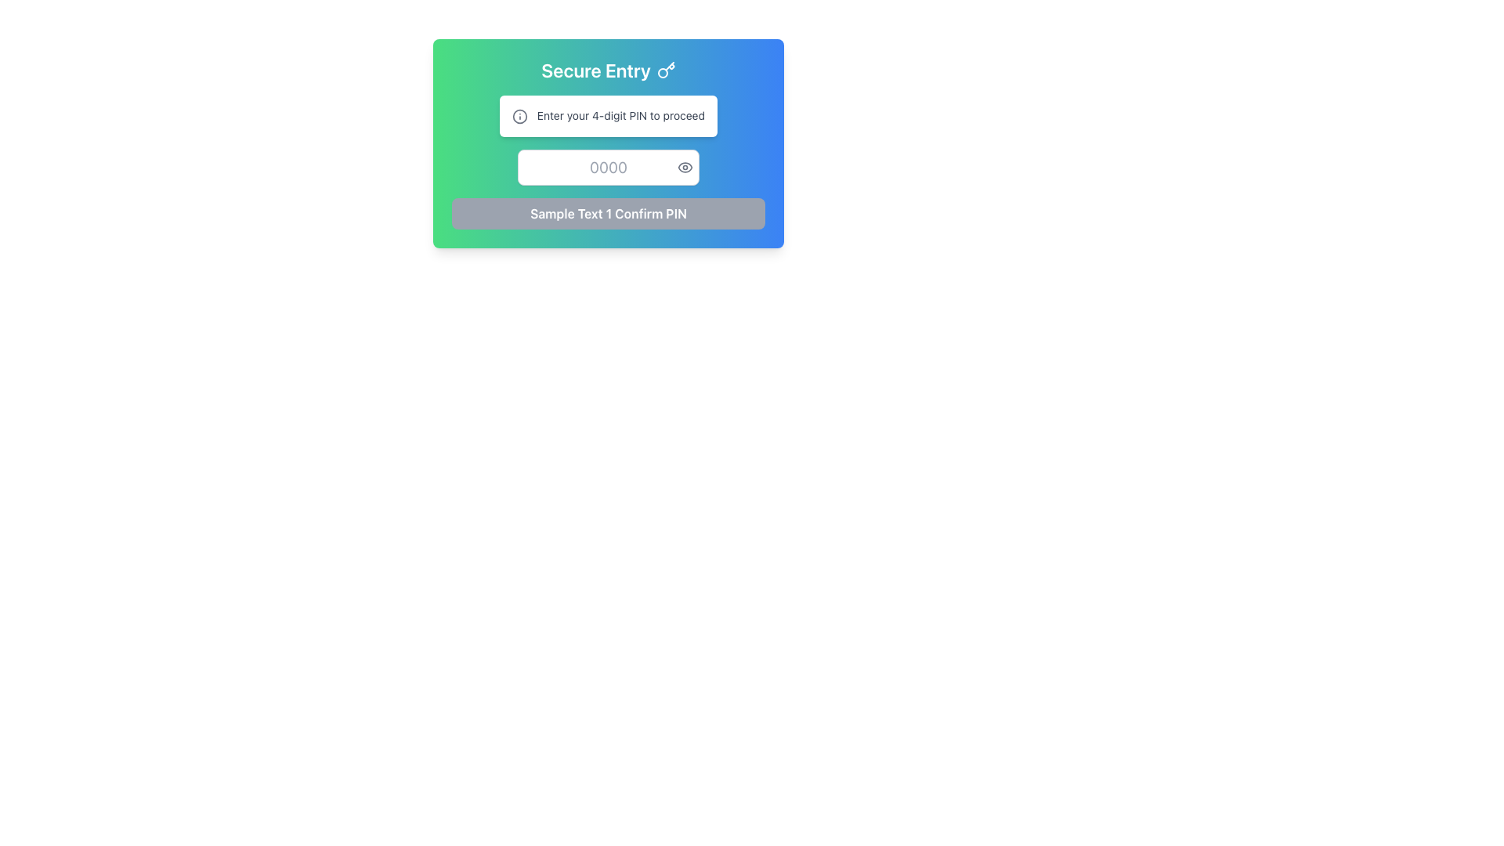 The height and width of the screenshot is (846, 1504). What do you see at coordinates (685, 167) in the screenshot?
I see `the eye icon button located to the right side of the input field` at bounding box center [685, 167].